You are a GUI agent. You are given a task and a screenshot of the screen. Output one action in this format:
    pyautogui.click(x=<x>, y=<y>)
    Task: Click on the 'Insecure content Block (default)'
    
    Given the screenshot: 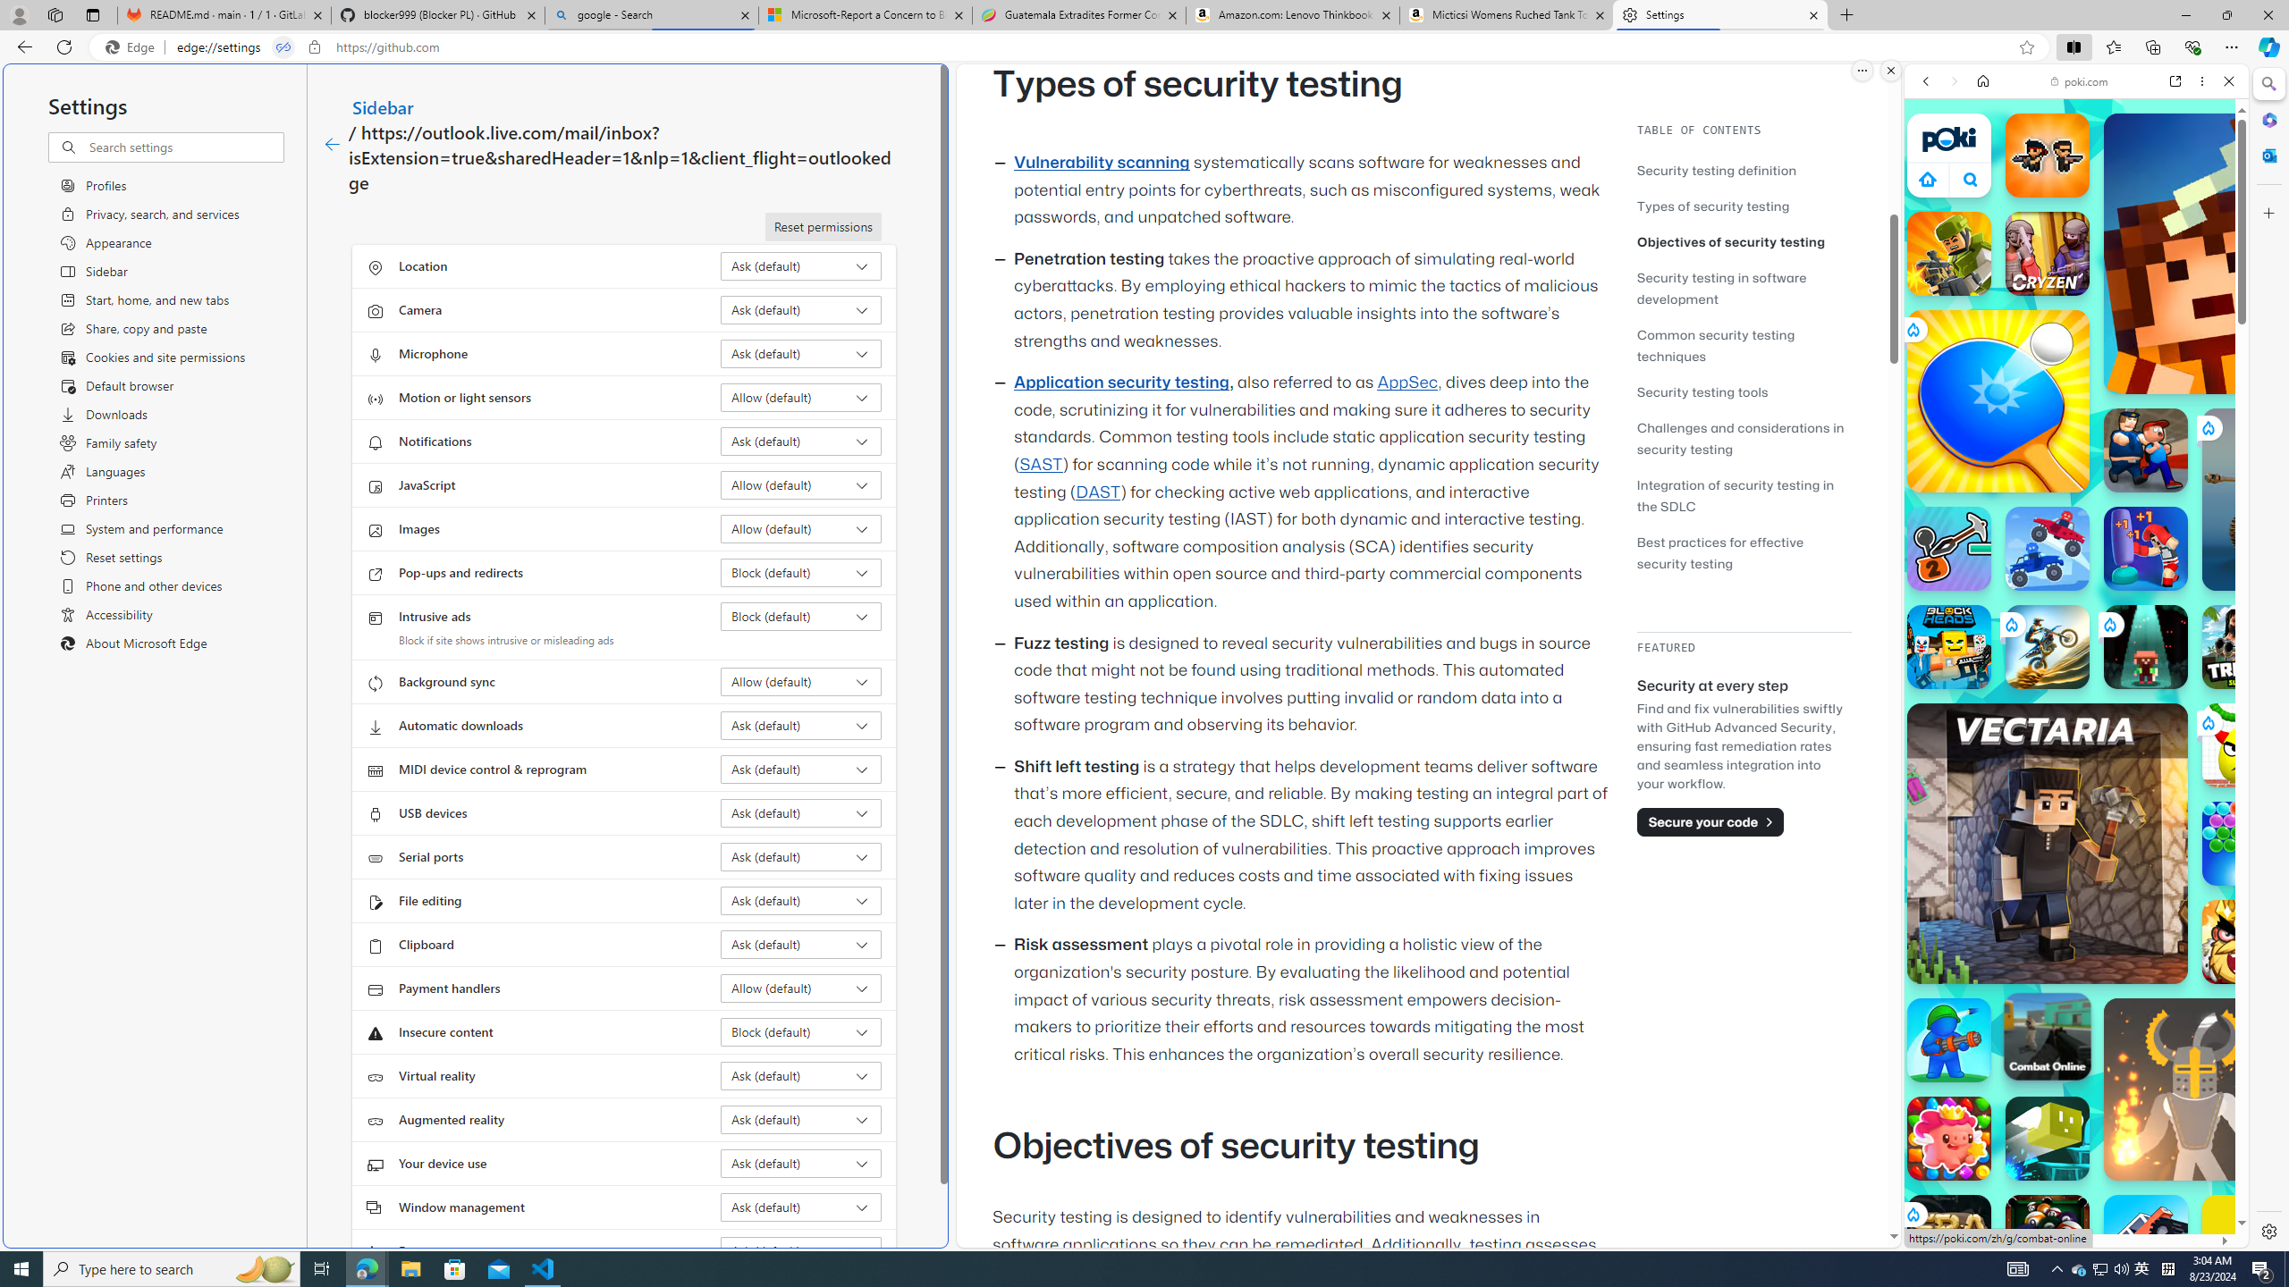 What is the action you would take?
    pyautogui.click(x=801, y=1030)
    